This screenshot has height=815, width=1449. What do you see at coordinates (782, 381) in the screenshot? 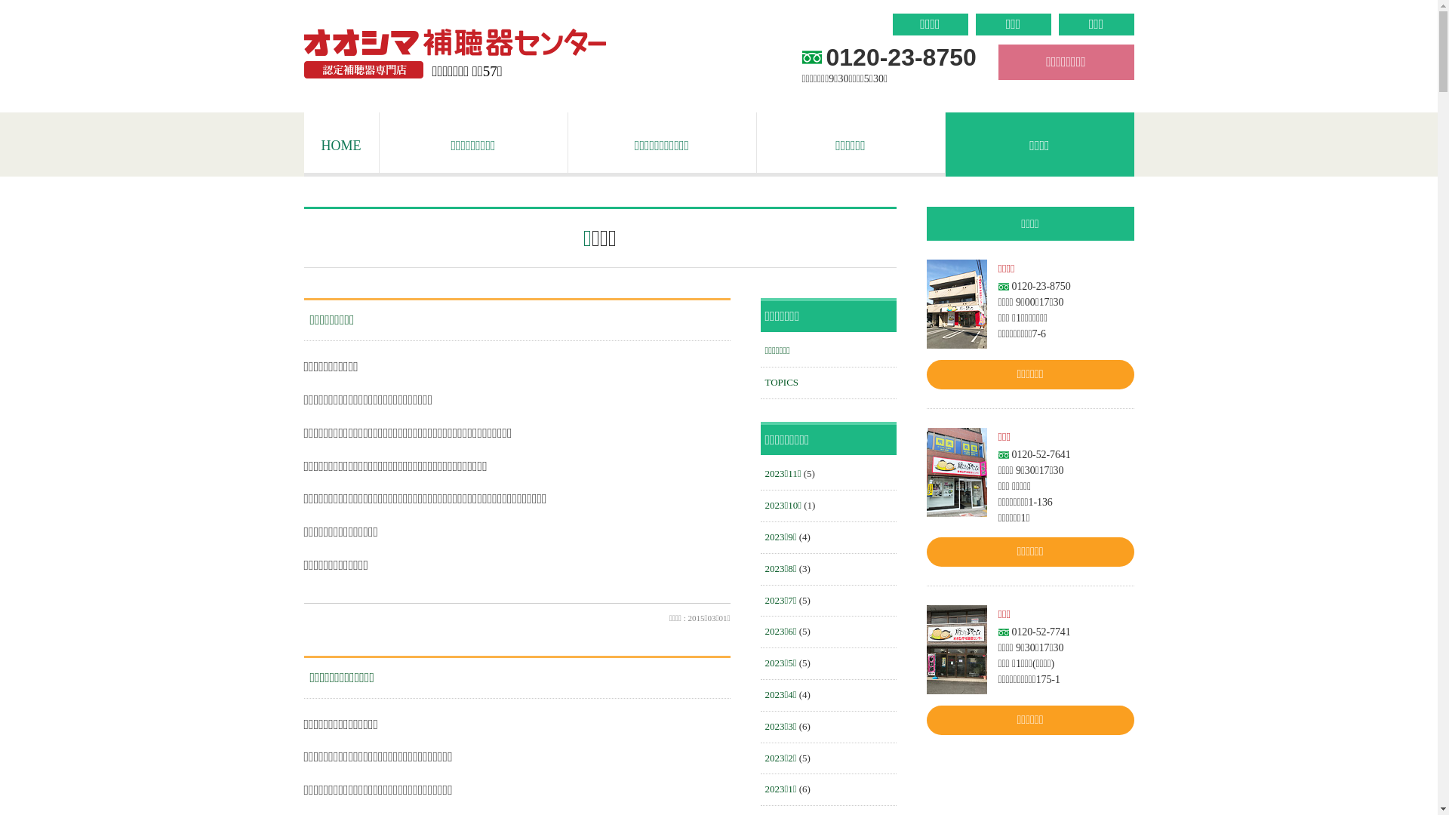
I see `'TOPICS'` at bounding box center [782, 381].